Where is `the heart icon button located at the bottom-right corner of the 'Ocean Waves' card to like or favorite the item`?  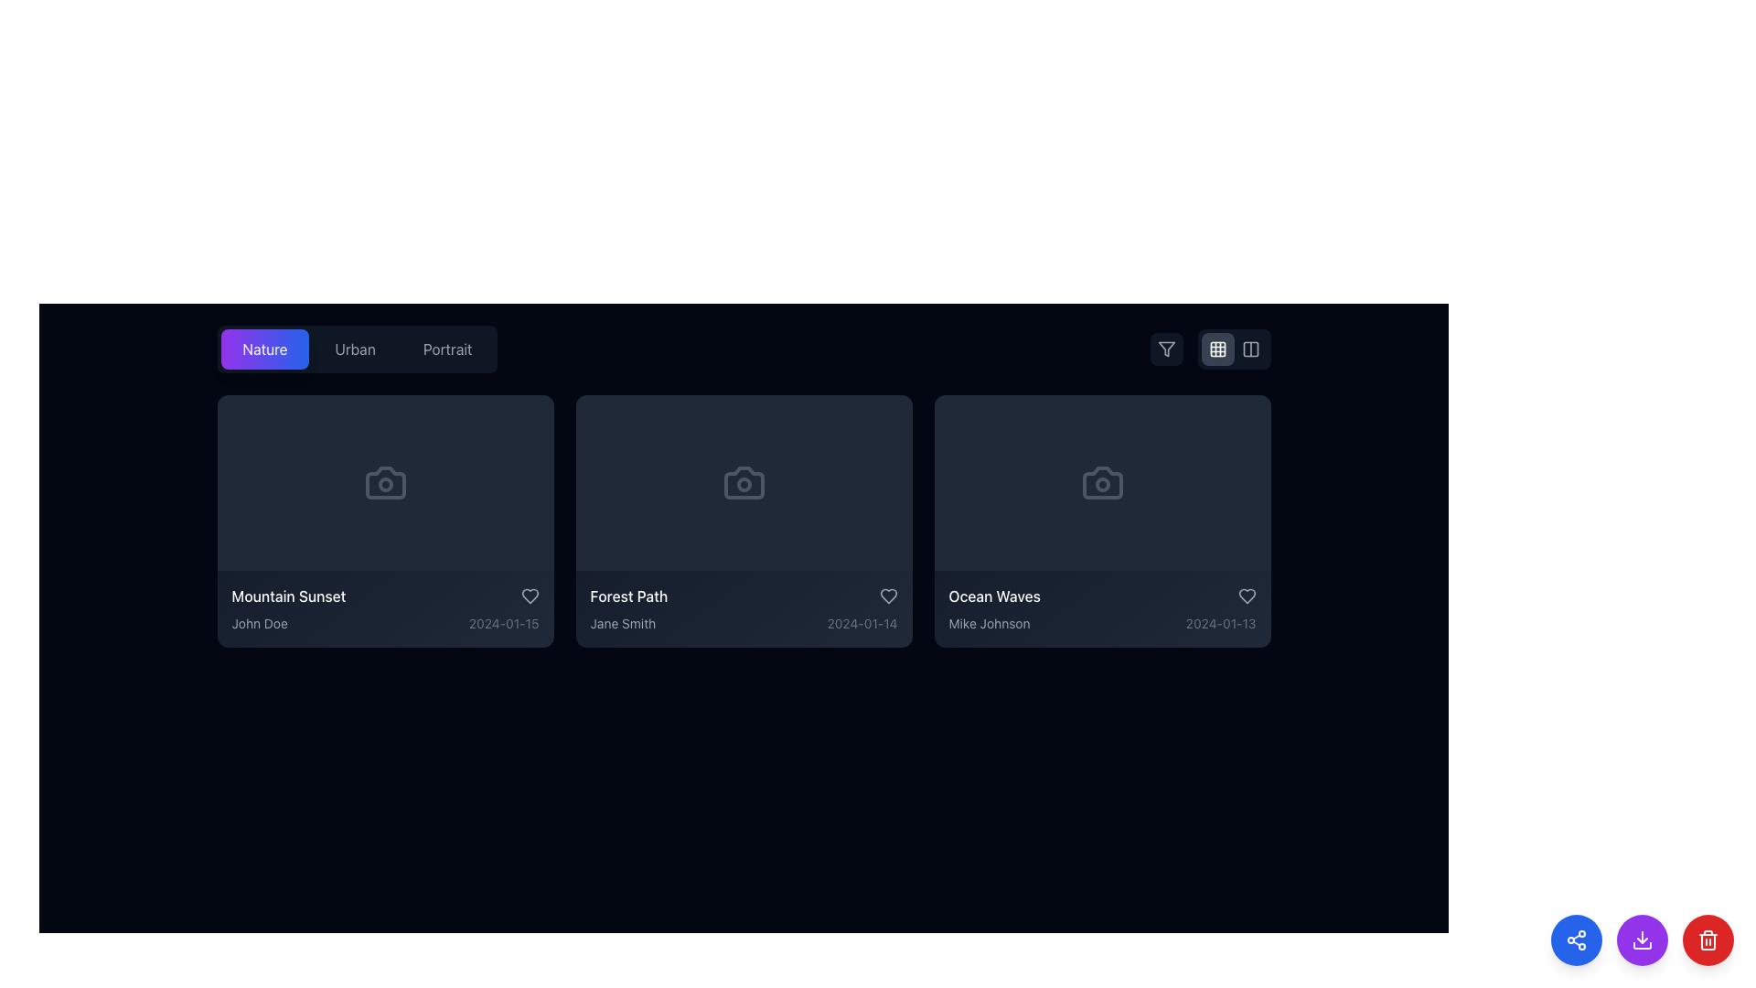 the heart icon button located at the bottom-right corner of the 'Ocean Waves' card to like or favorite the item is located at coordinates (1246, 596).